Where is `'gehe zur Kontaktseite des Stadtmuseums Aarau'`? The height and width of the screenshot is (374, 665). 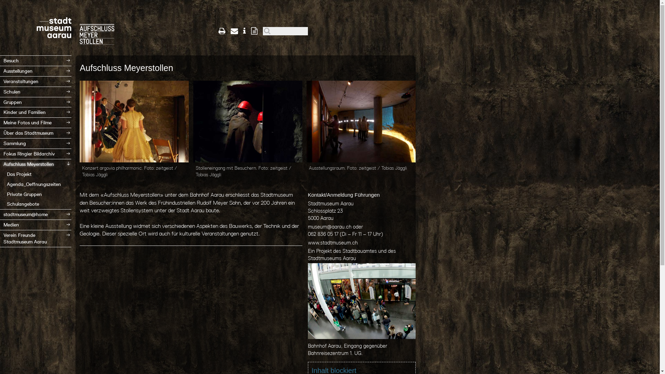
'gehe zur Kontaktseite des Stadtmuseums Aarau' is located at coordinates (234, 30).